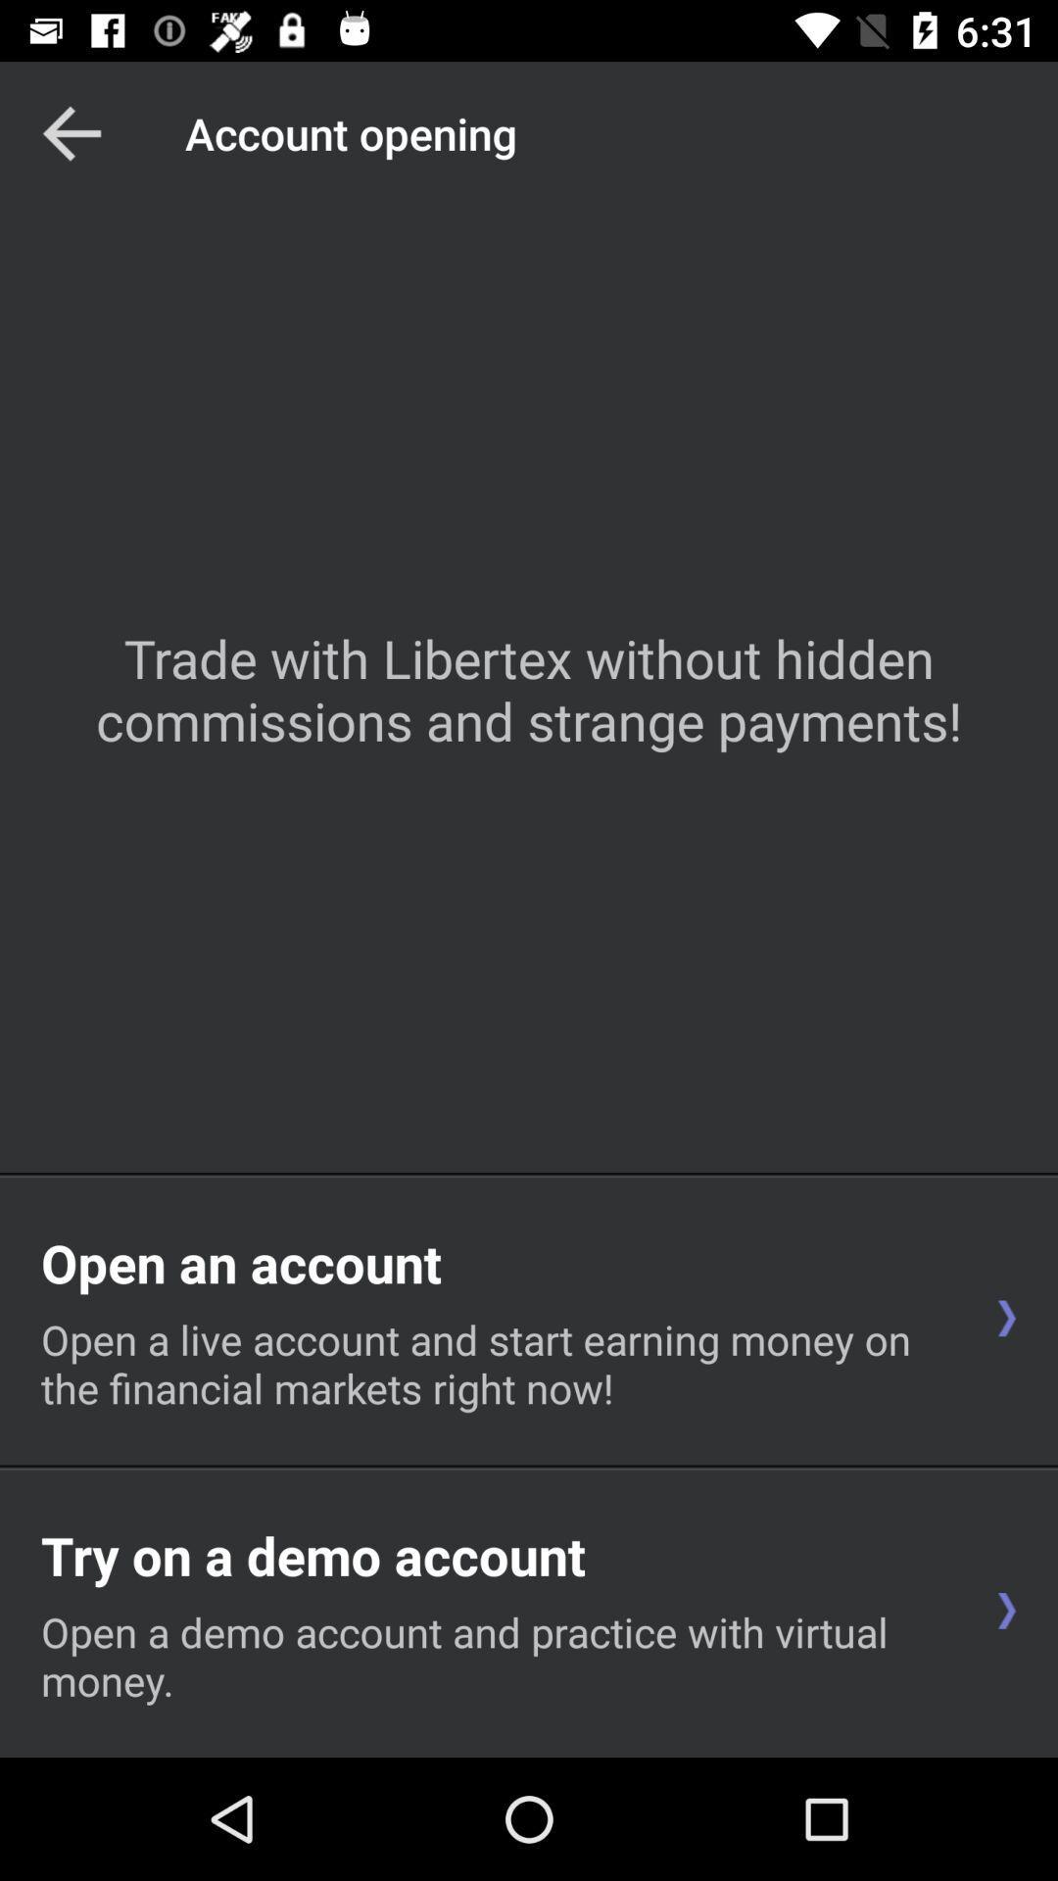  Describe the element at coordinates (71, 132) in the screenshot. I see `back toggle` at that location.